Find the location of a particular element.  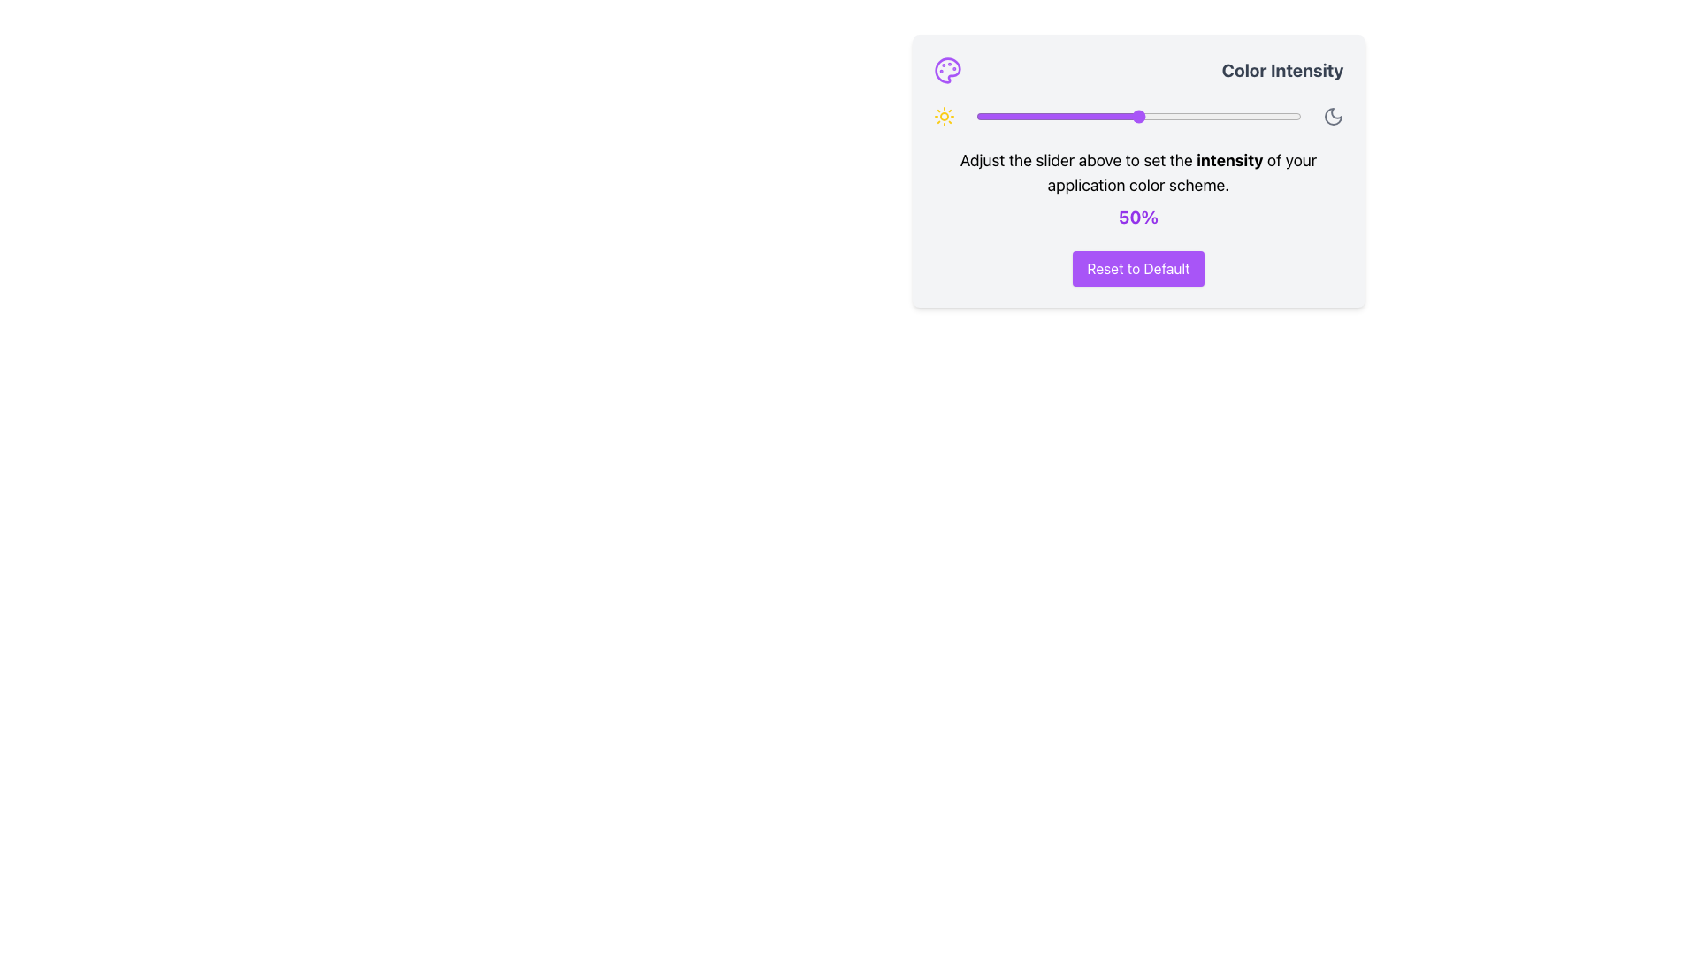

the color intensity slider is located at coordinates (1124, 116).